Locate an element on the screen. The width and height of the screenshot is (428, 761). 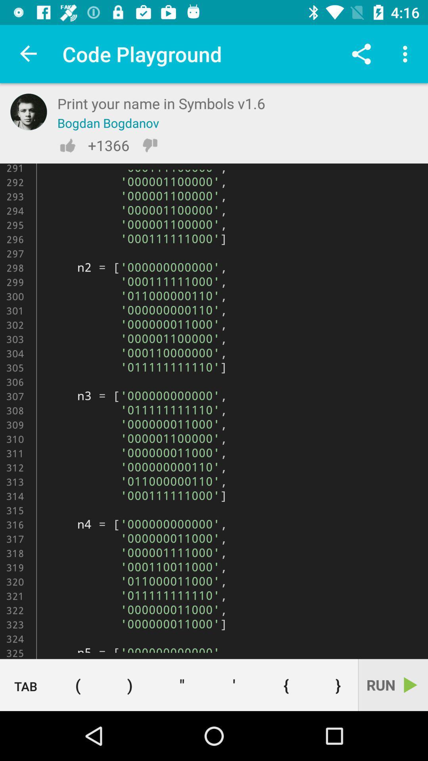
the thumbs_up icon is located at coordinates (67, 145).